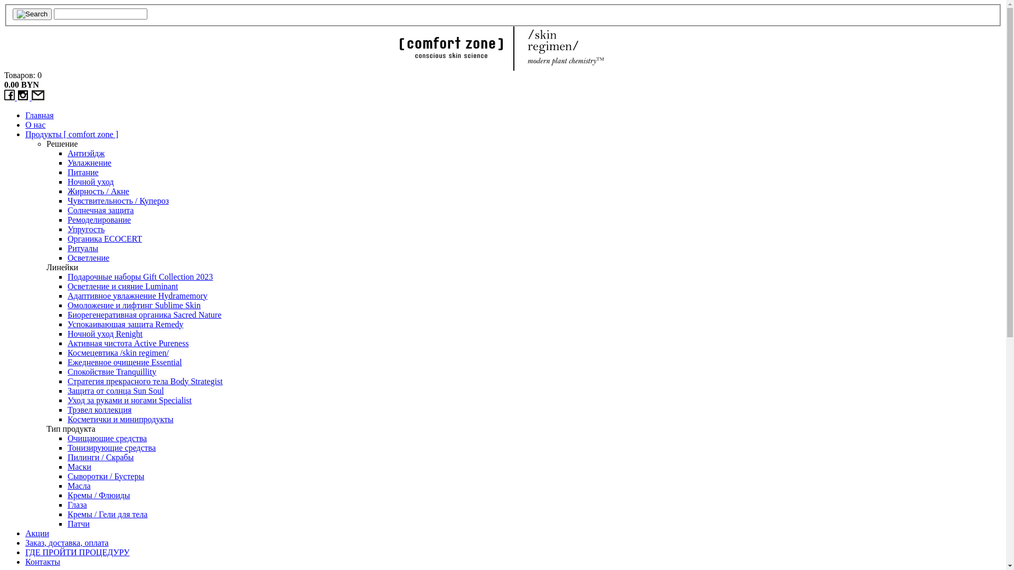 The height and width of the screenshot is (570, 1014). I want to click on 'intagram', so click(17, 97).